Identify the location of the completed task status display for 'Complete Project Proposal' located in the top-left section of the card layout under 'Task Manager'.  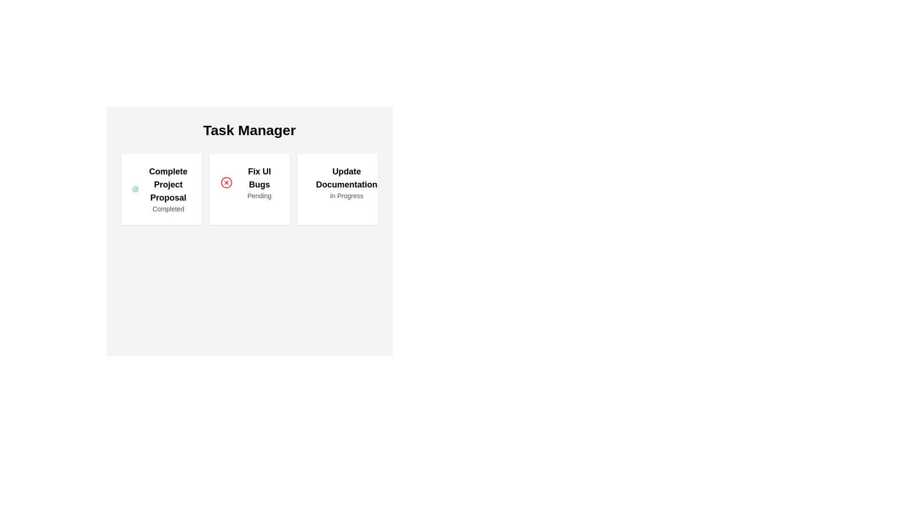
(162, 189).